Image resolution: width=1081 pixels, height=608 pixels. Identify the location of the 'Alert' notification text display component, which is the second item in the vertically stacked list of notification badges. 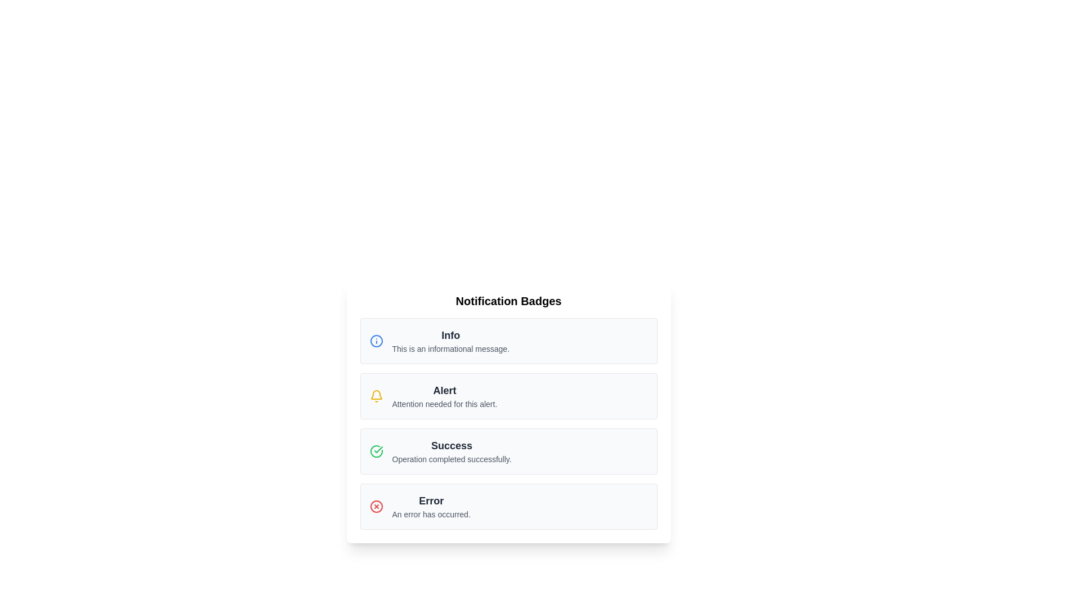
(444, 396).